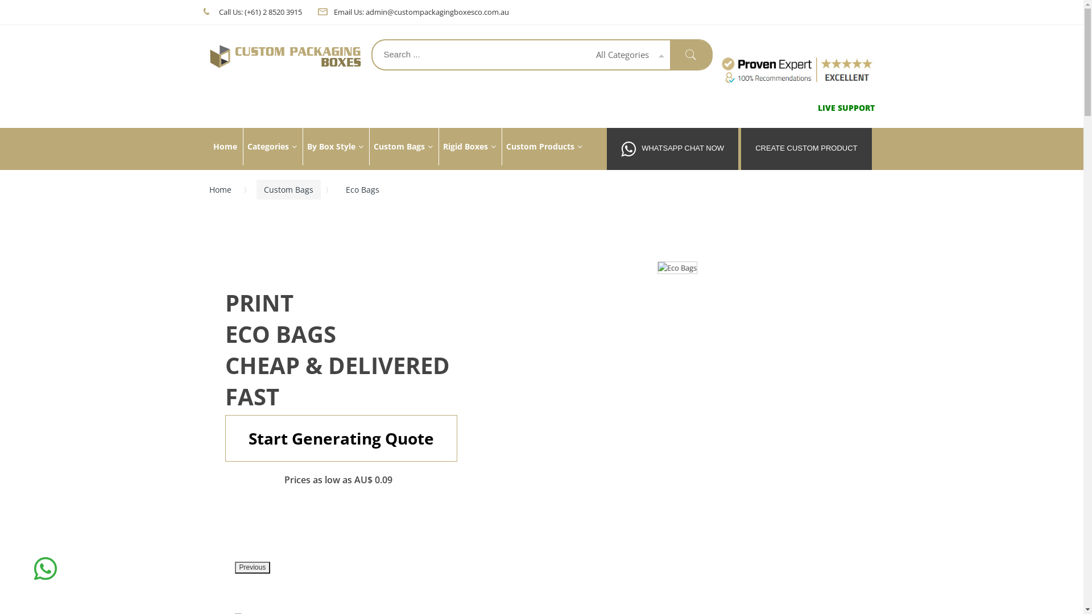 The width and height of the screenshot is (1092, 614). Describe the element at coordinates (420, 11) in the screenshot. I see `'Email Us: admin@custompackagingboxesco.com.au'` at that location.